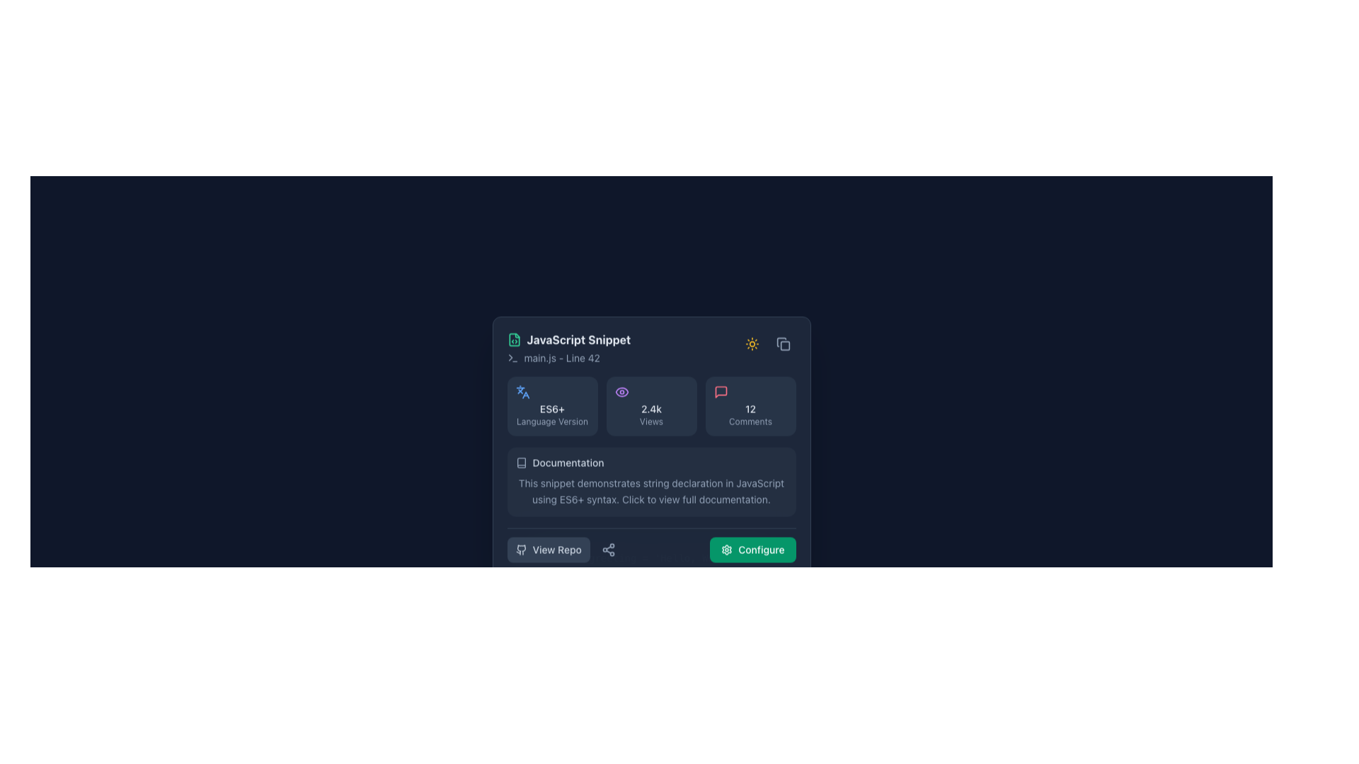 This screenshot has width=1359, height=764. Describe the element at coordinates (721, 392) in the screenshot. I see `the light rose colored SVG chat bubble with rounded edges and a triangular tail located in the top-right portion of the UI card` at that location.